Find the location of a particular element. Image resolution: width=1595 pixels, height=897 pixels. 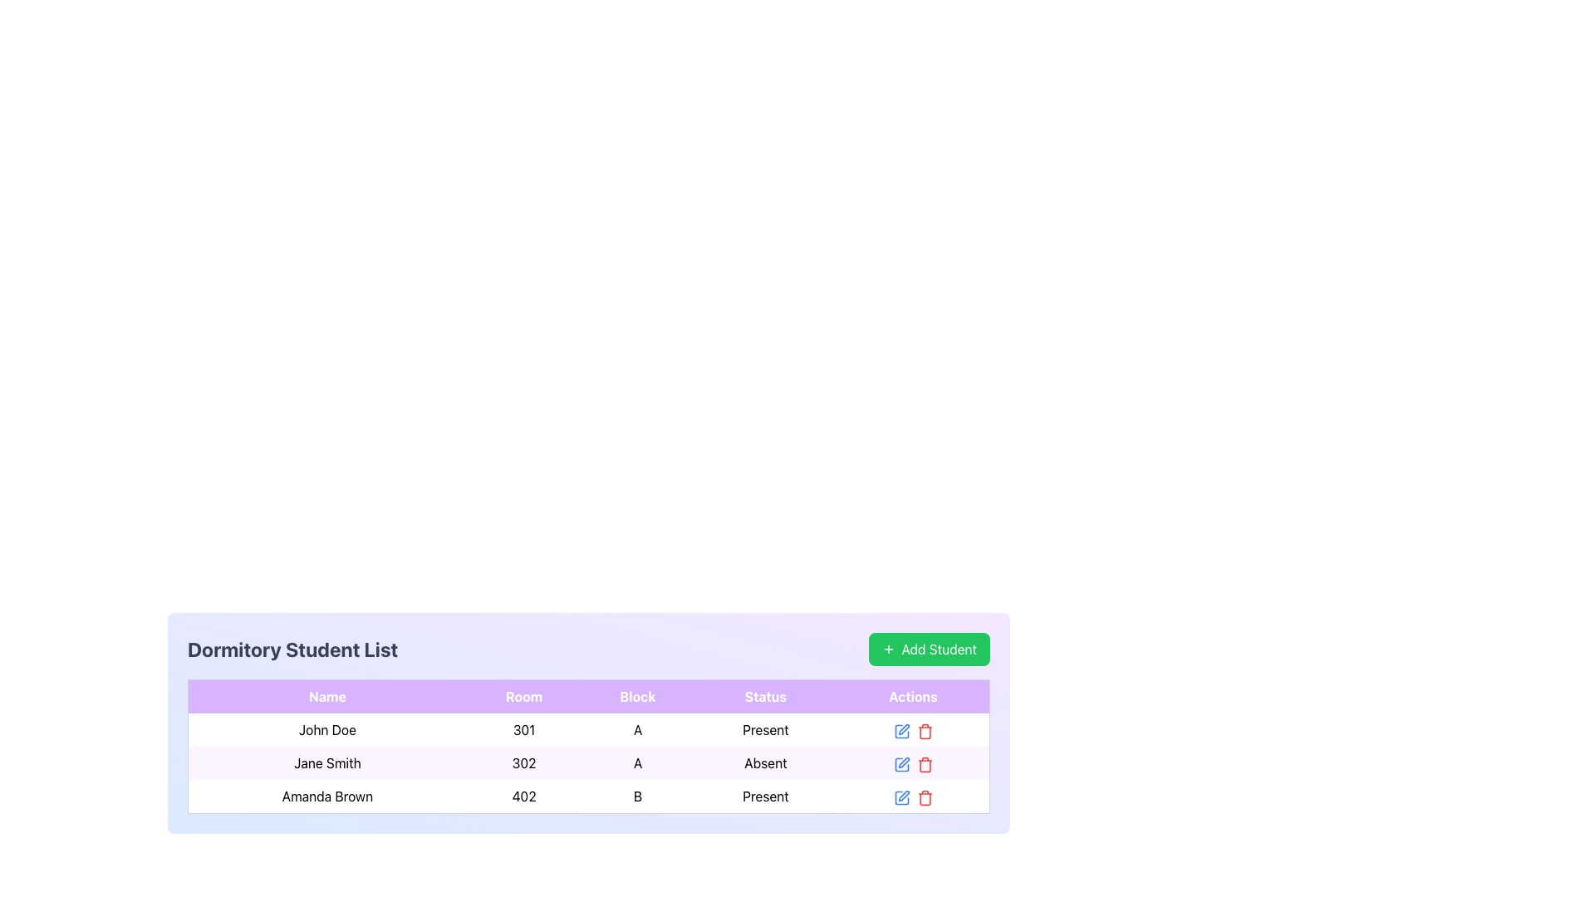

the green rectangular button labeled '+ Add Student' is located at coordinates (928, 649).